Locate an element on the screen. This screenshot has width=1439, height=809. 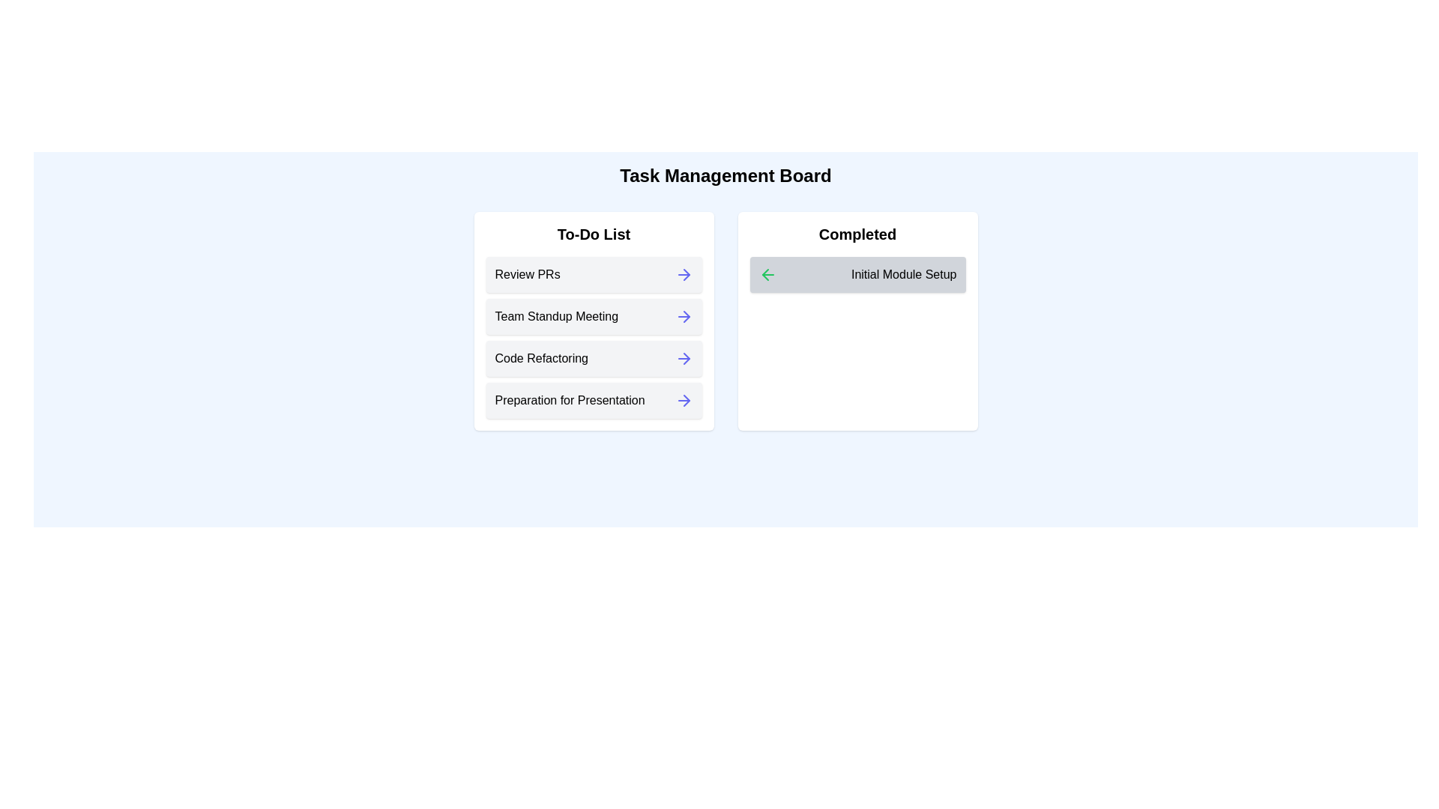
the arrow next to the task 'Review PRs' in the 'To-Do List' to move it to the 'Completed' list is located at coordinates (683, 274).